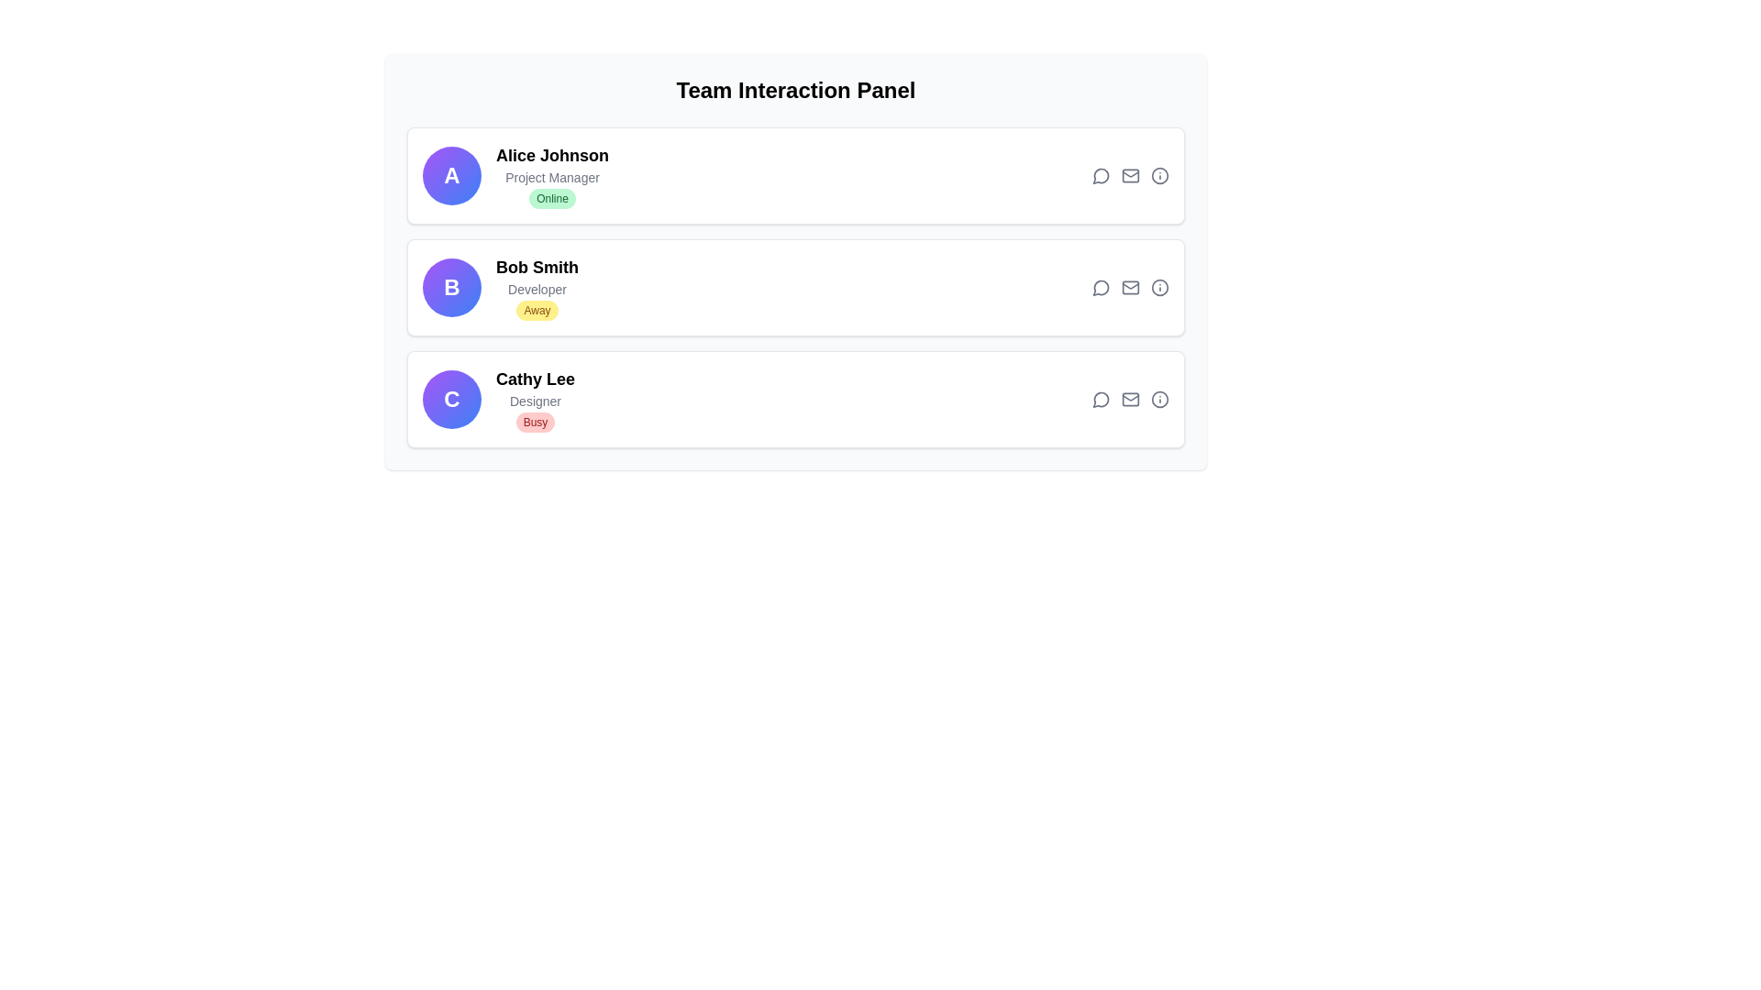  Describe the element at coordinates (796, 287) in the screenshot. I see `the second member's card in the Team Interaction Panel` at that location.